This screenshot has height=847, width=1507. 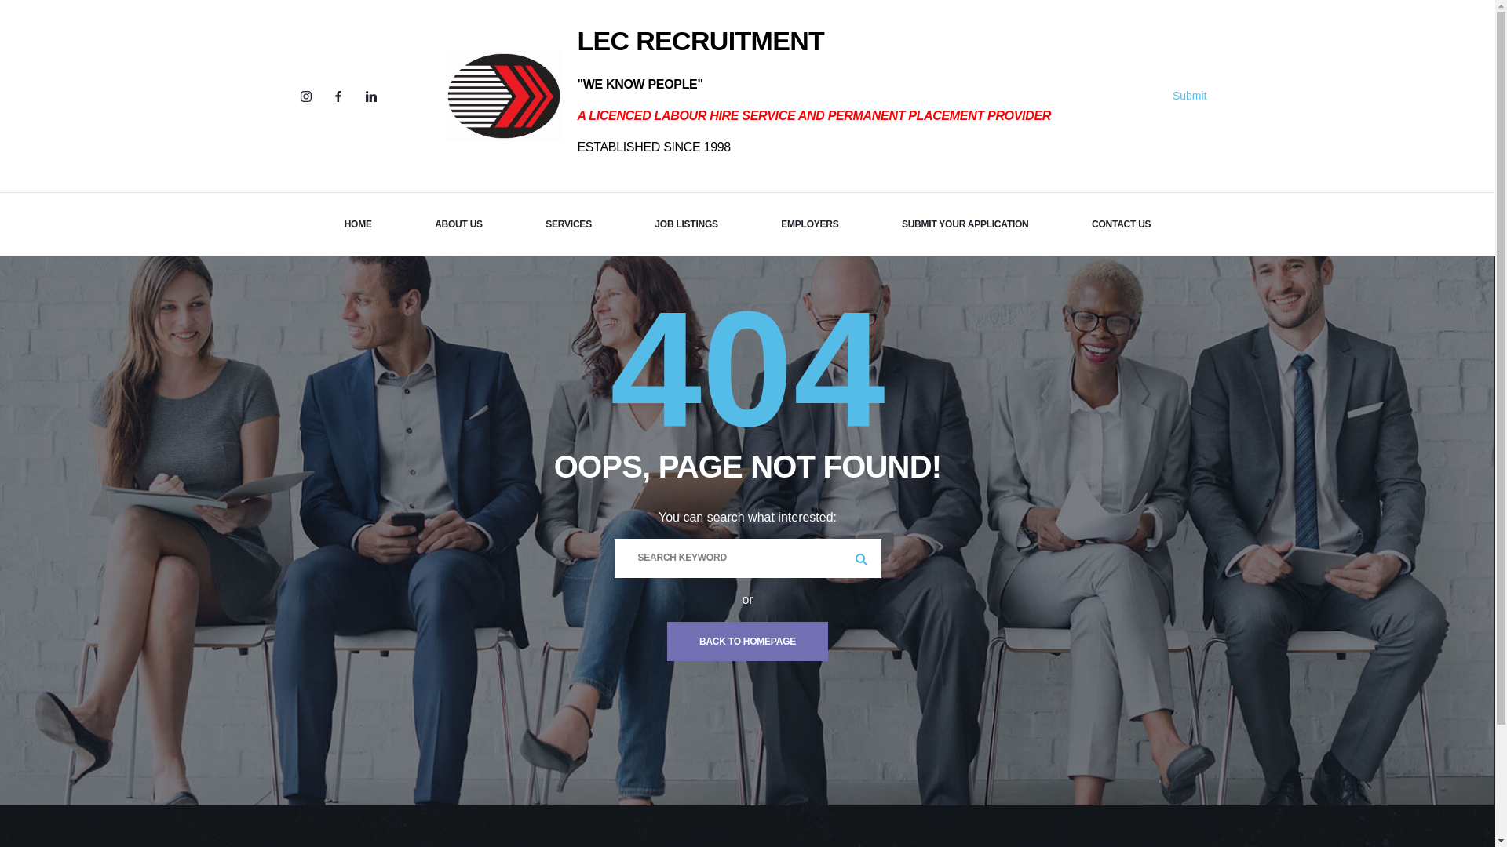 What do you see at coordinates (357, 224) in the screenshot?
I see `'HOME'` at bounding box center [357, 224].